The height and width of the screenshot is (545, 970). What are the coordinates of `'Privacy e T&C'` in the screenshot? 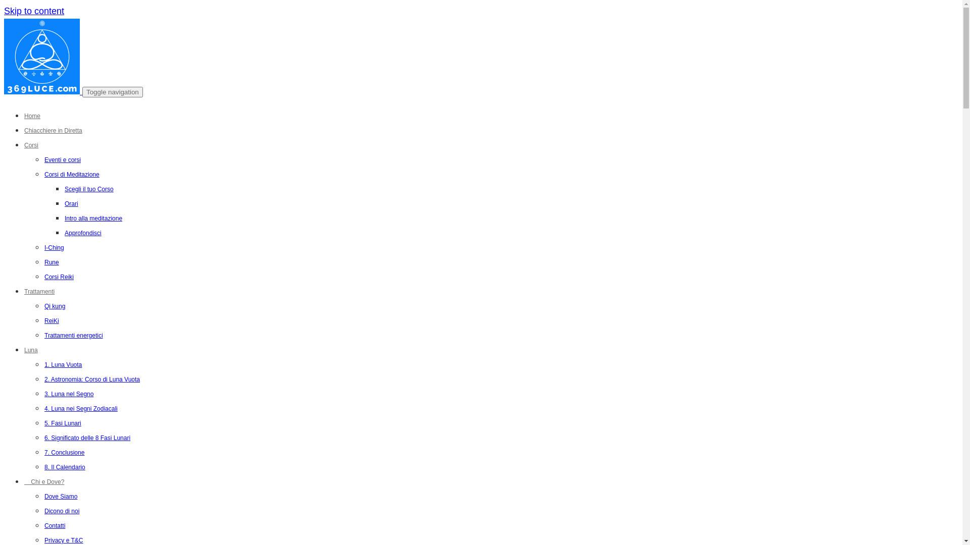 It's located at (63, 540).